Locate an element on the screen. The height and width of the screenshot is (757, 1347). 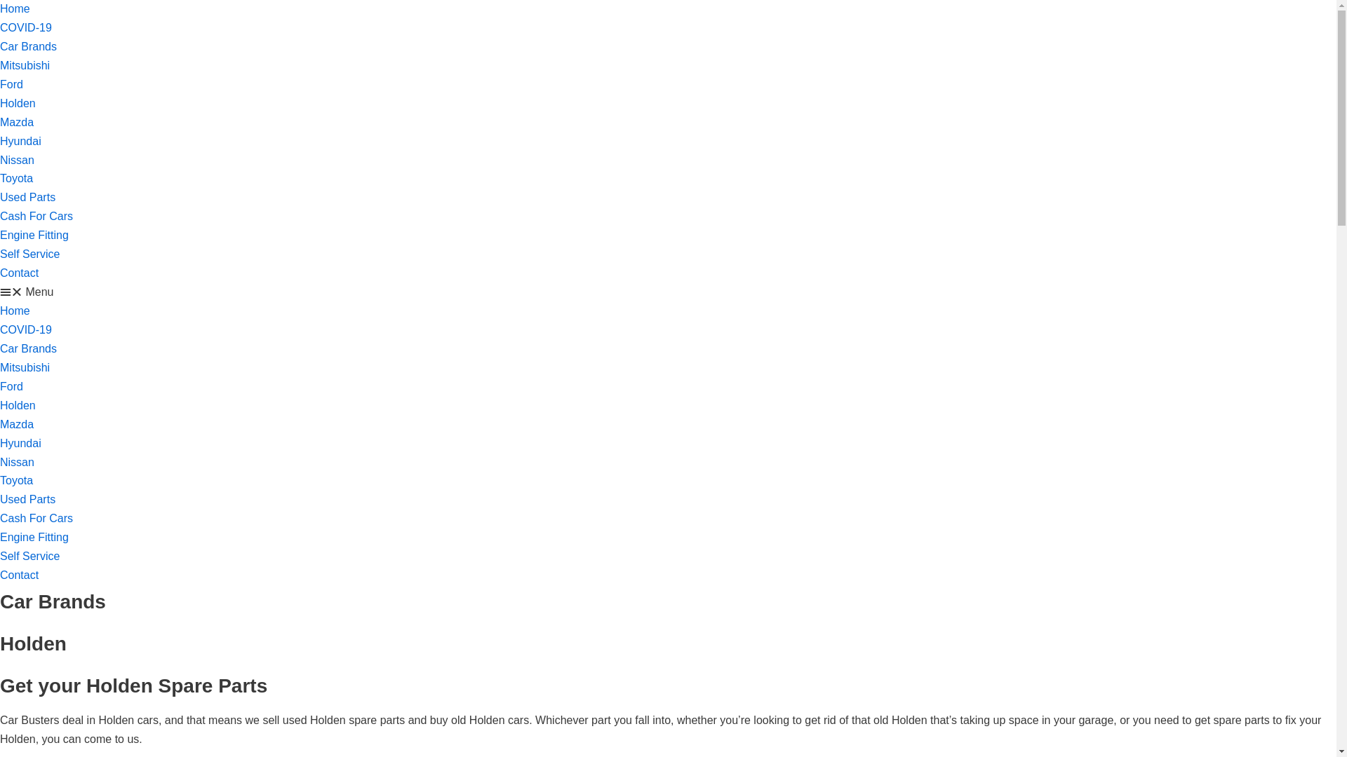
'Contact' is located at coordinates (19, 575).